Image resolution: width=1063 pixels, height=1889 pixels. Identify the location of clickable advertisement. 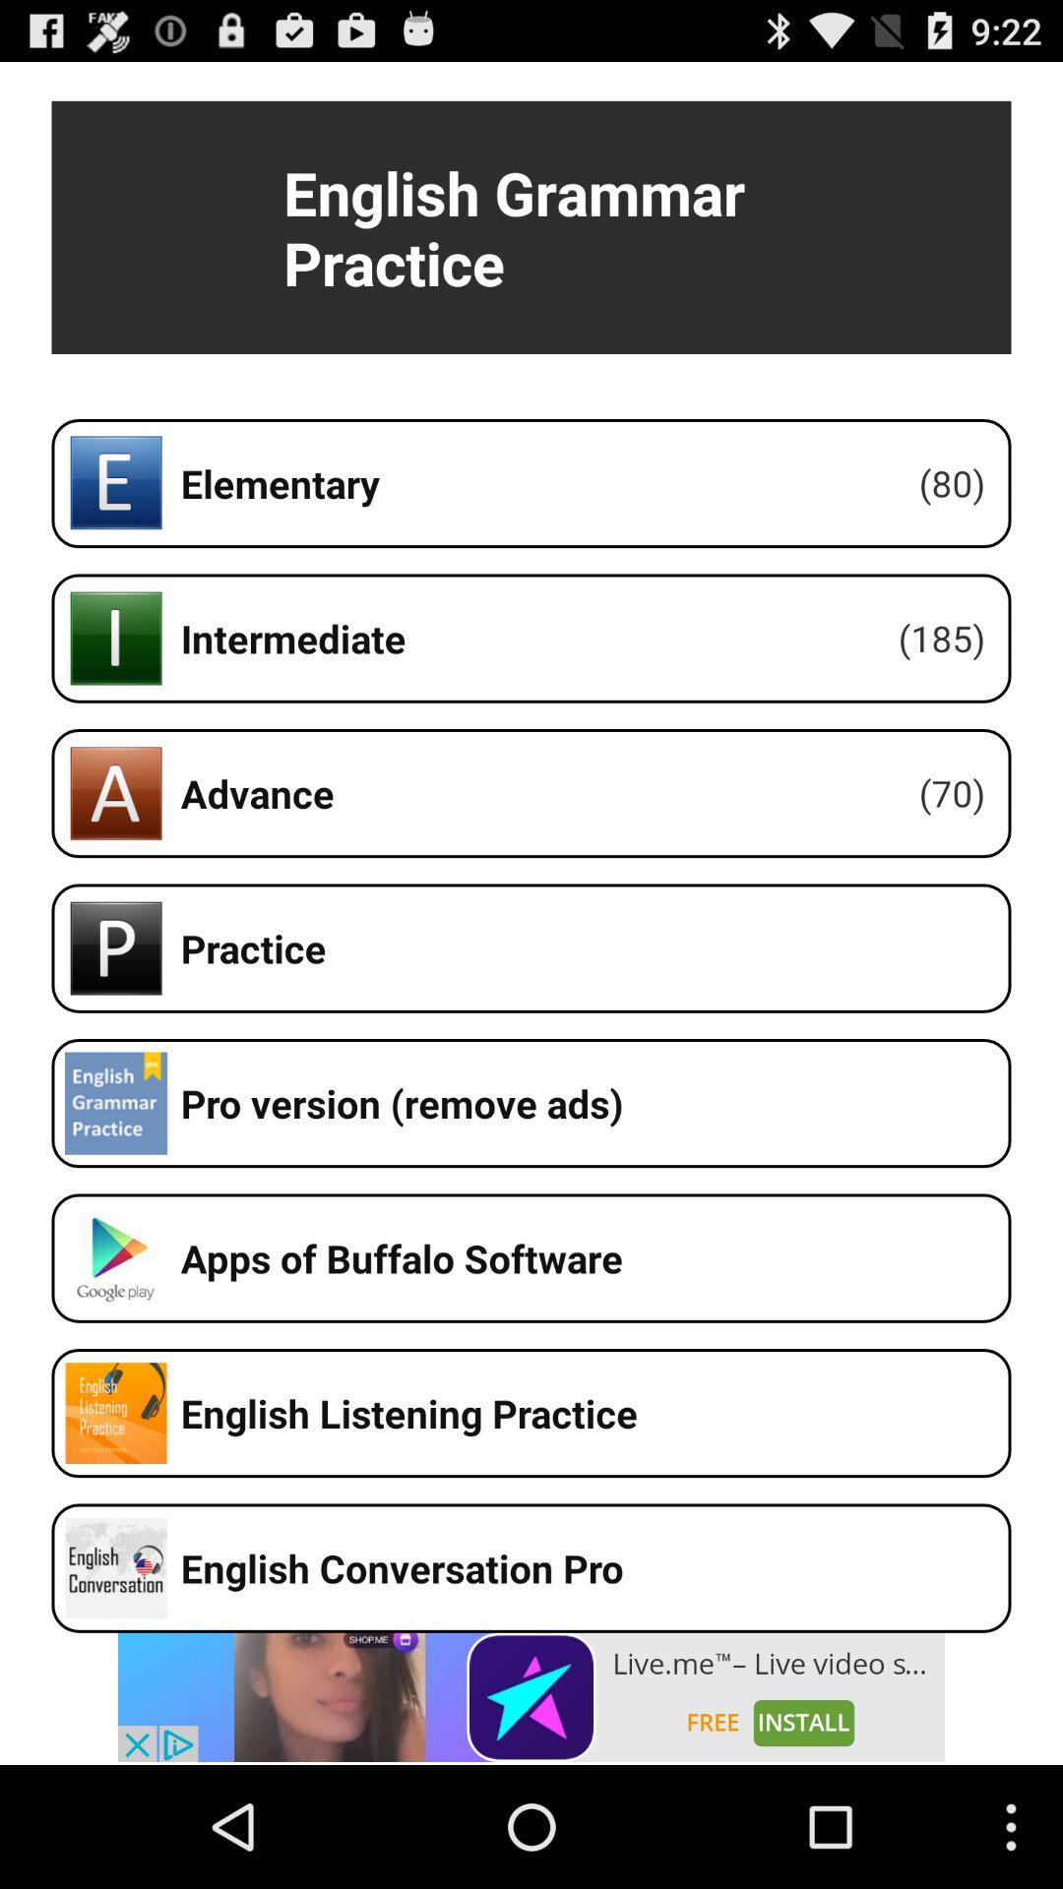
(531, 1696).